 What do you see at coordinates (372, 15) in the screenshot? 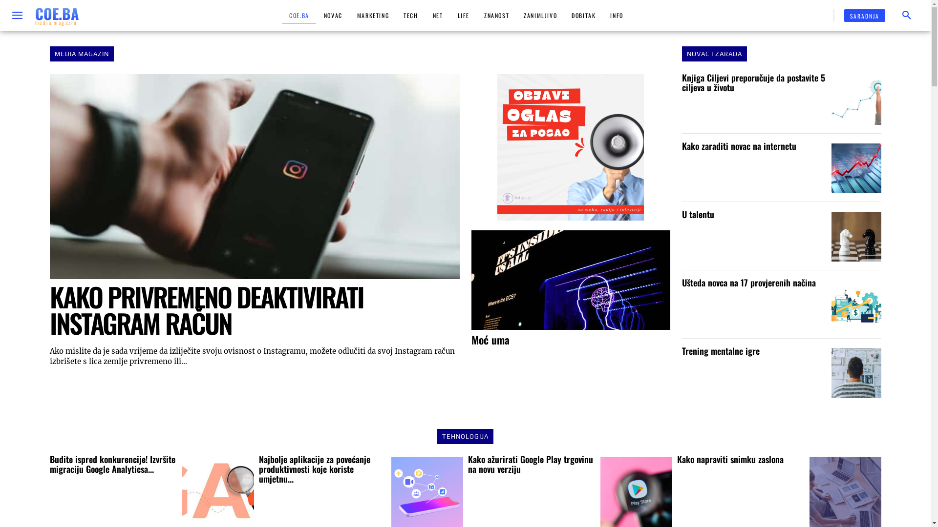
I see `'MARKETING'` at bounding box center [372, 15].